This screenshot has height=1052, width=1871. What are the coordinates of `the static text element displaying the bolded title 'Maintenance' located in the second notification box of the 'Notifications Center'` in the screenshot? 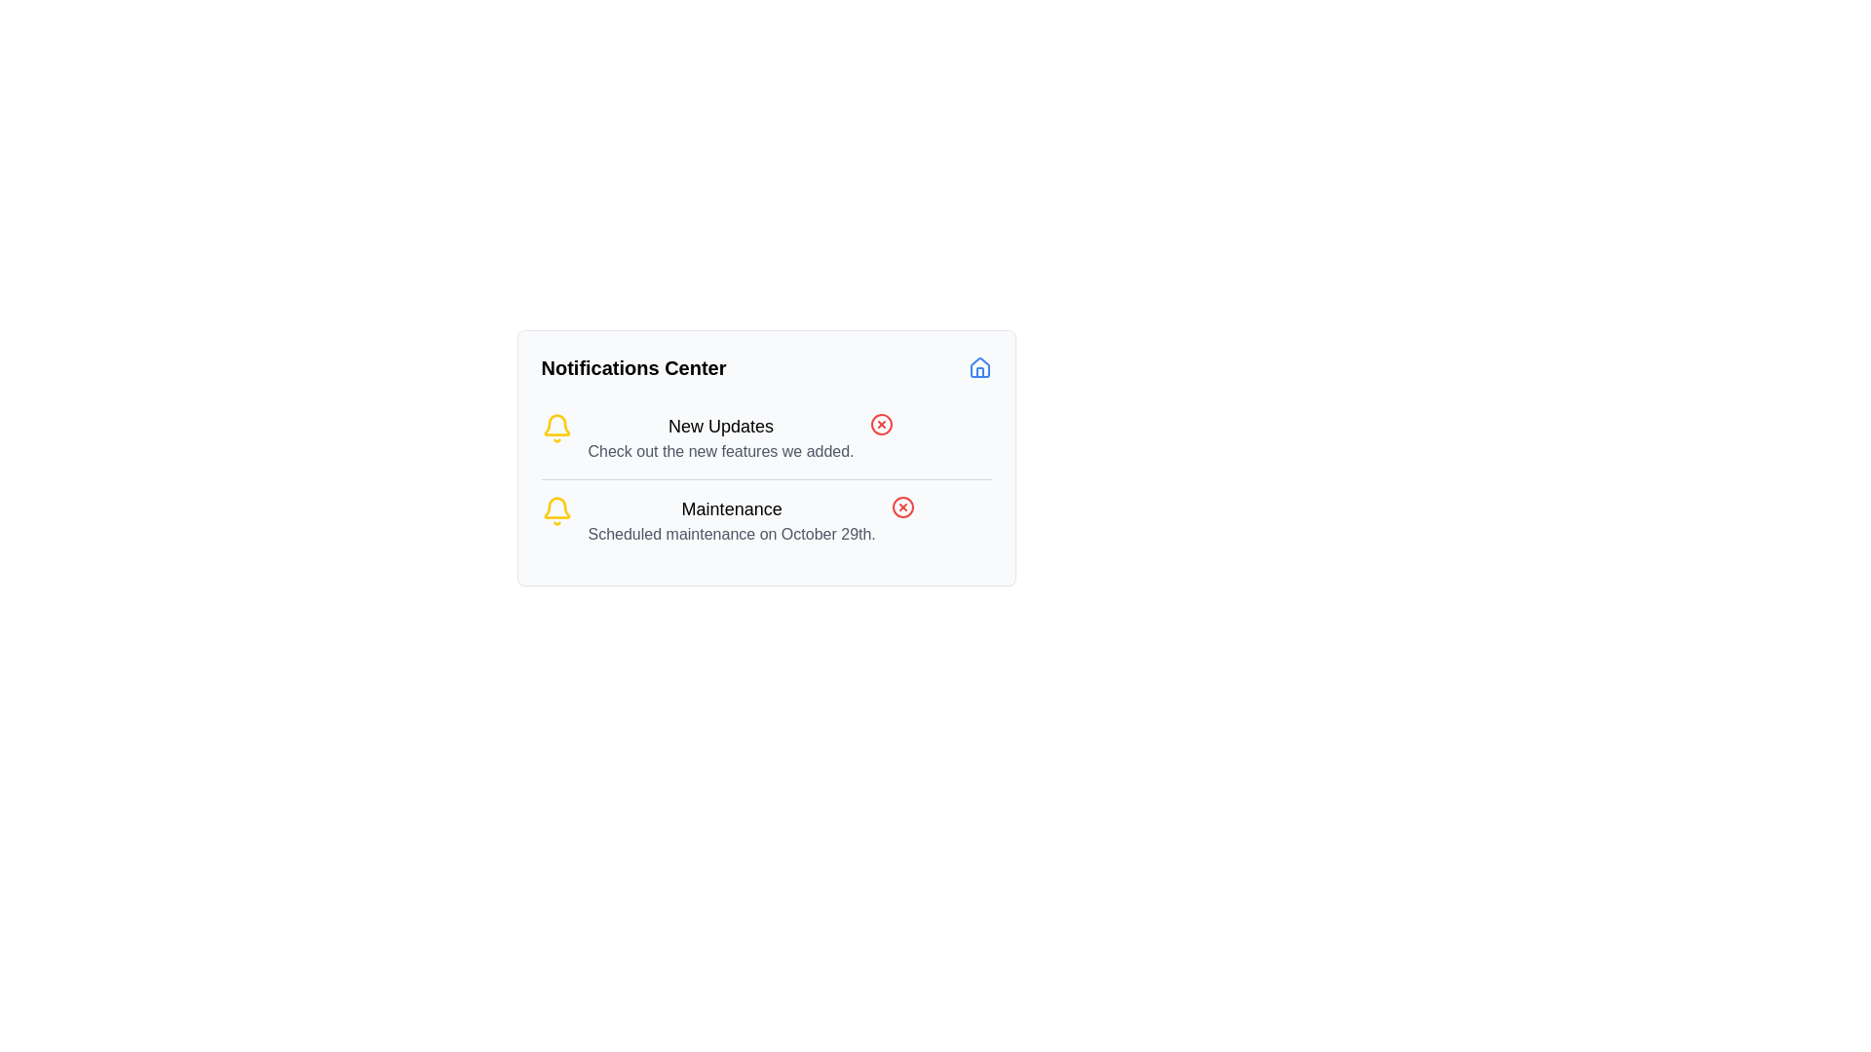 It's located at (731, 508).